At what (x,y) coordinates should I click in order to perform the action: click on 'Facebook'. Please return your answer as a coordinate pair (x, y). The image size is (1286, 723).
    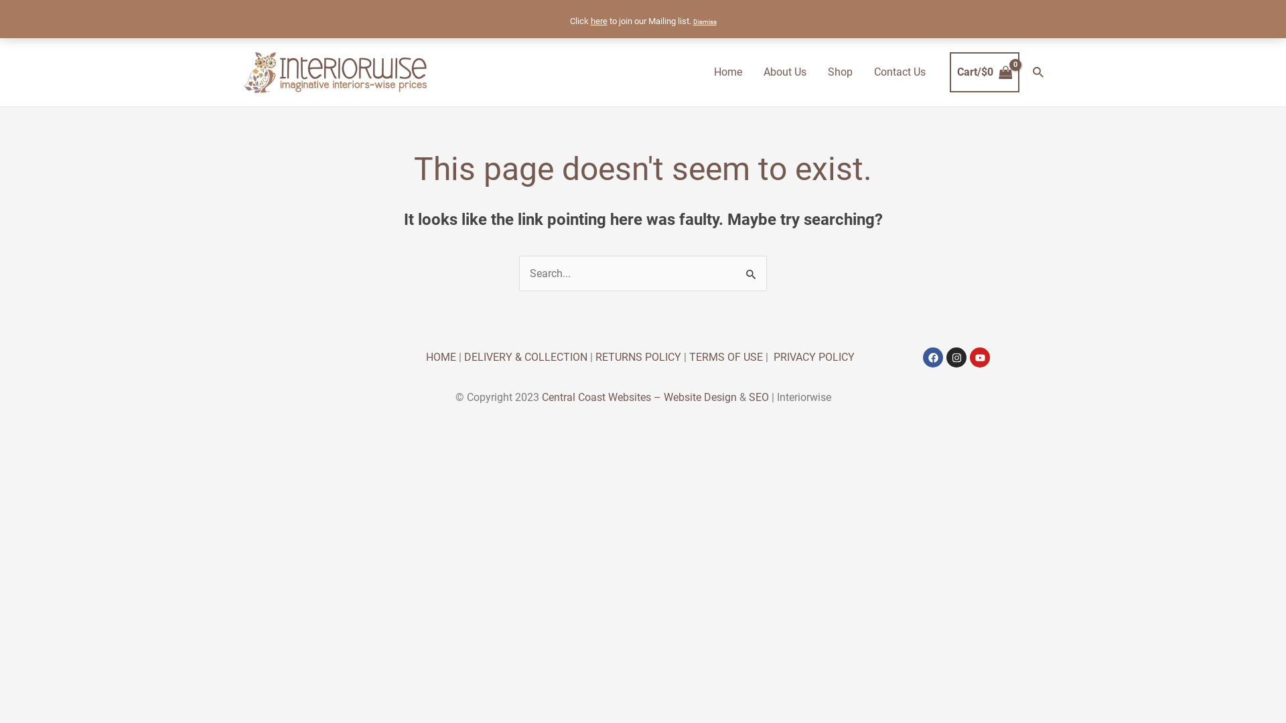
    Looking at the image, I should click on (932, 356).